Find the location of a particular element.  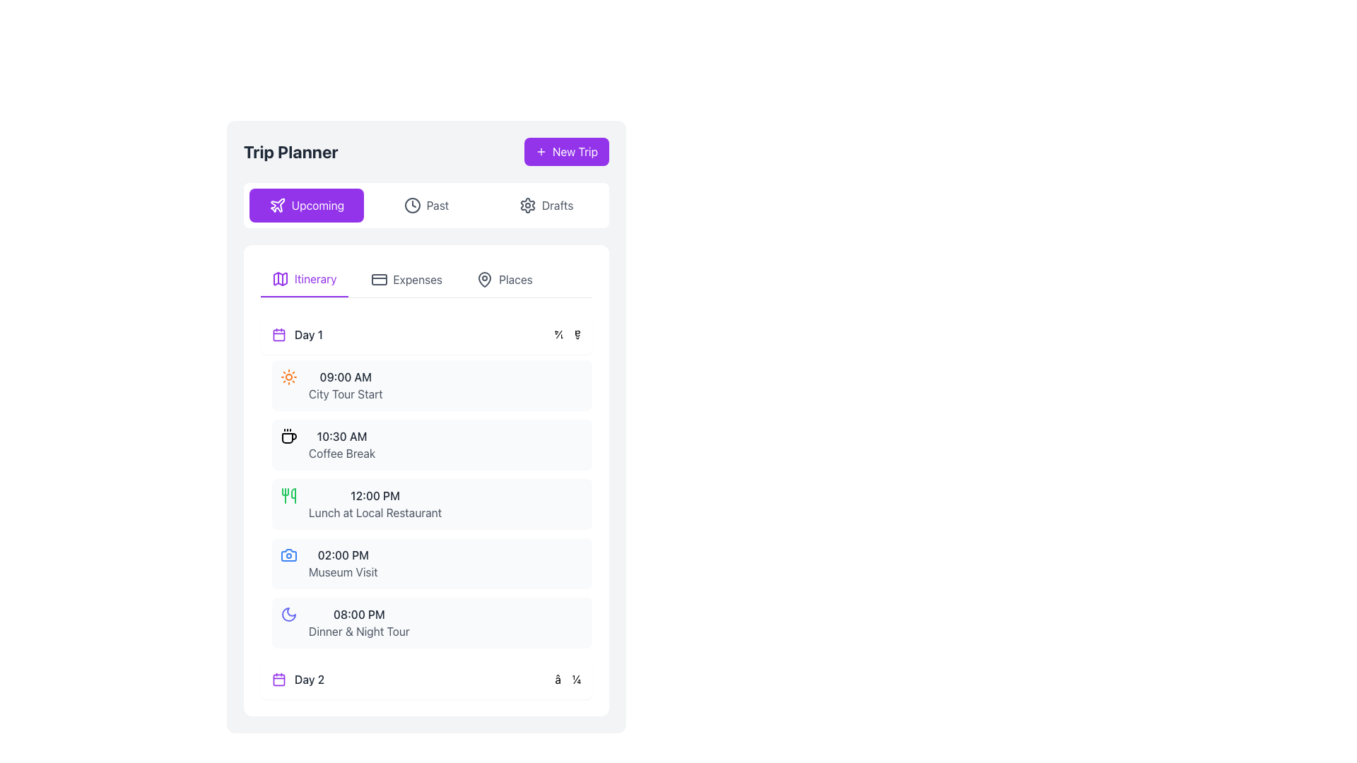

the rounded rectangle styled as a calendar icon background, located near the 'Day 2' label is located at coordinates (278, 678).